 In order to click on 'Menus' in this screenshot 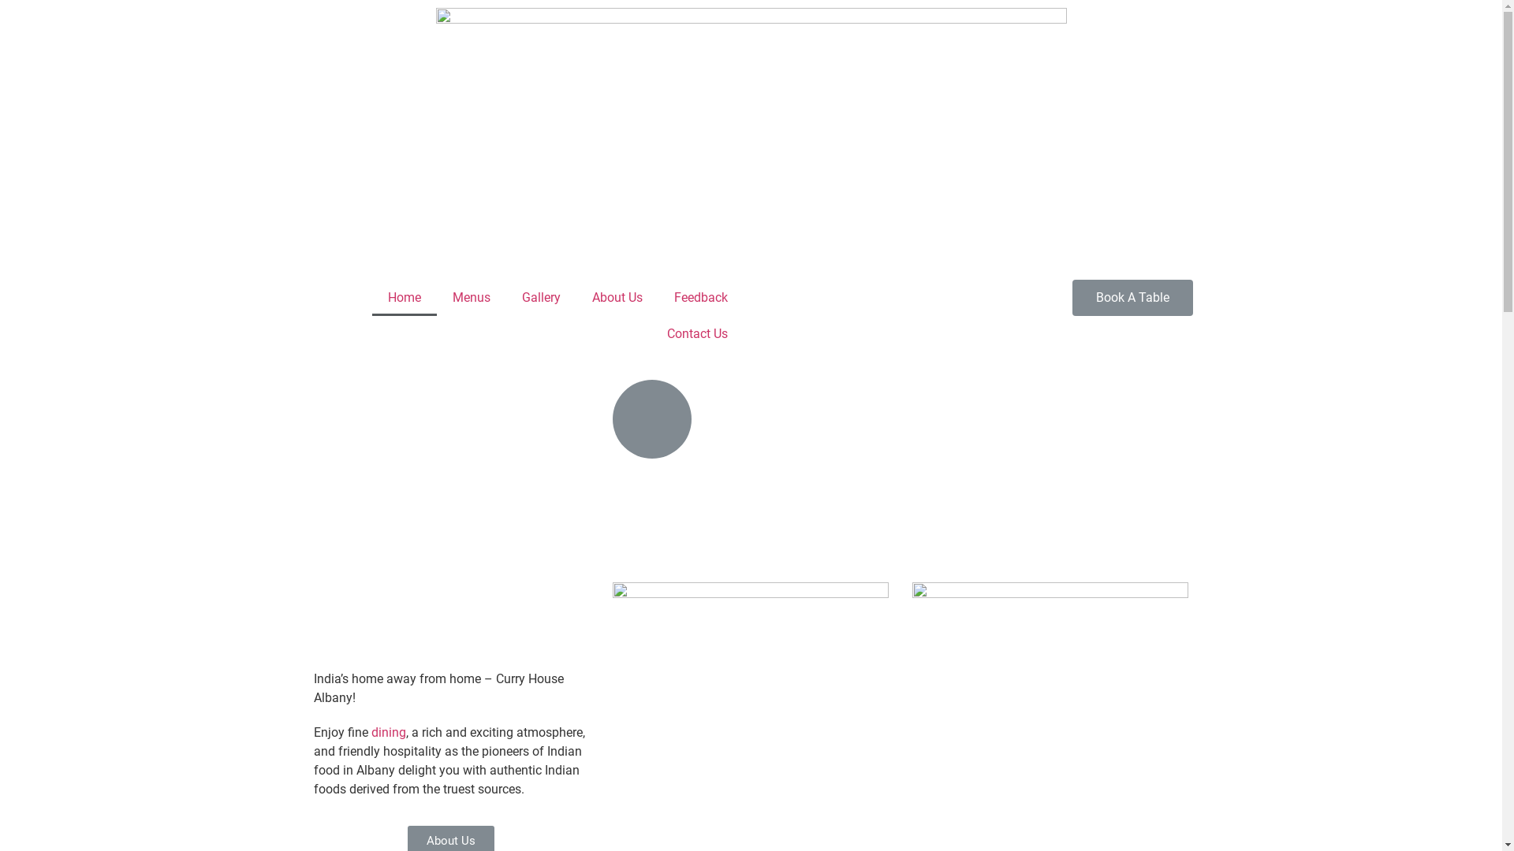, I will do `click(436, 298)`.